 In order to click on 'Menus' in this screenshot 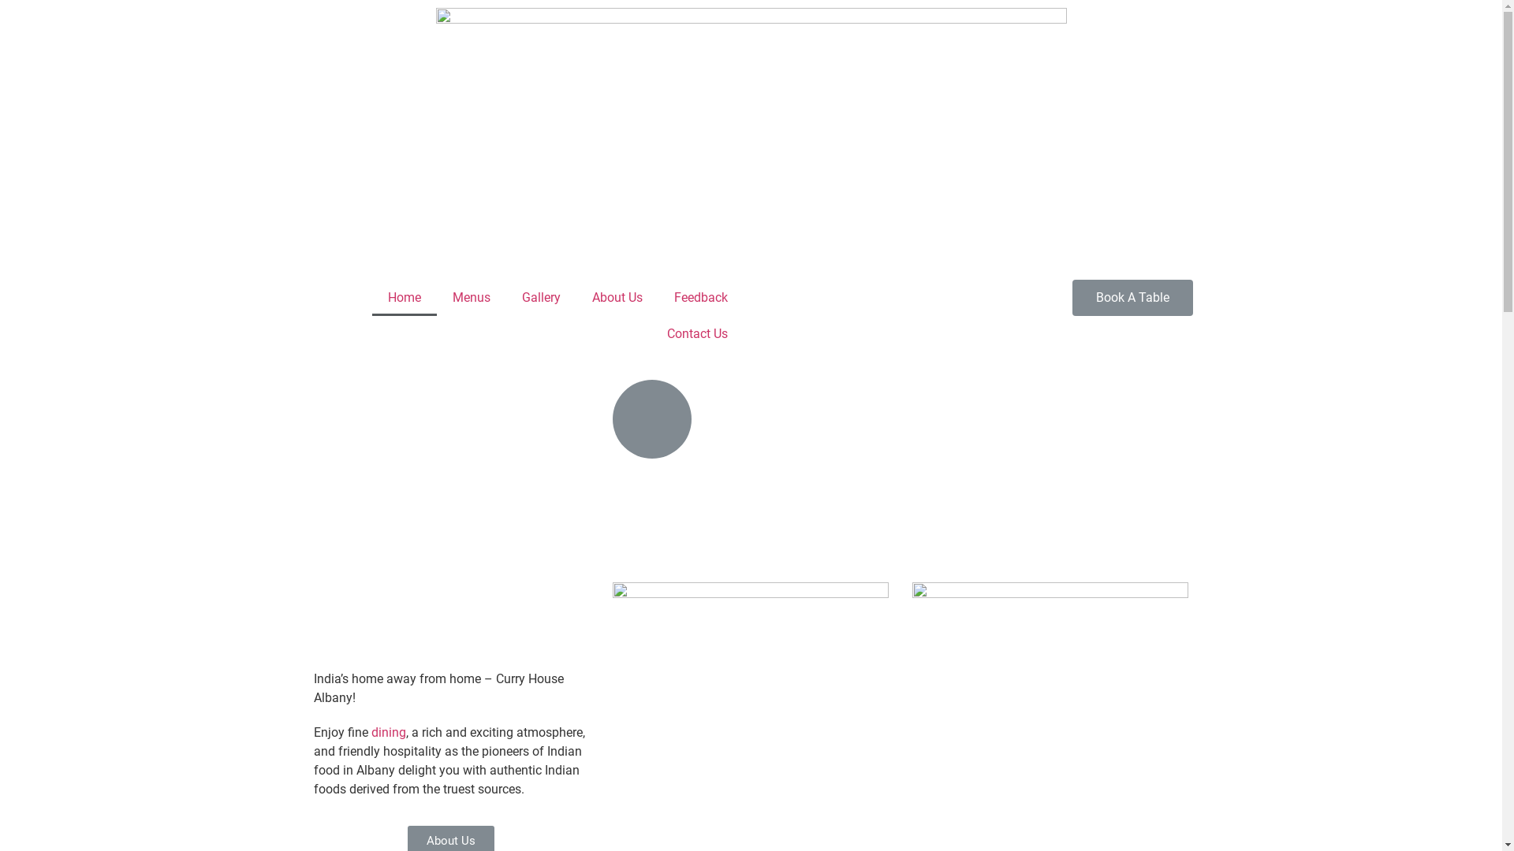, I will do `click(436, 298)`.